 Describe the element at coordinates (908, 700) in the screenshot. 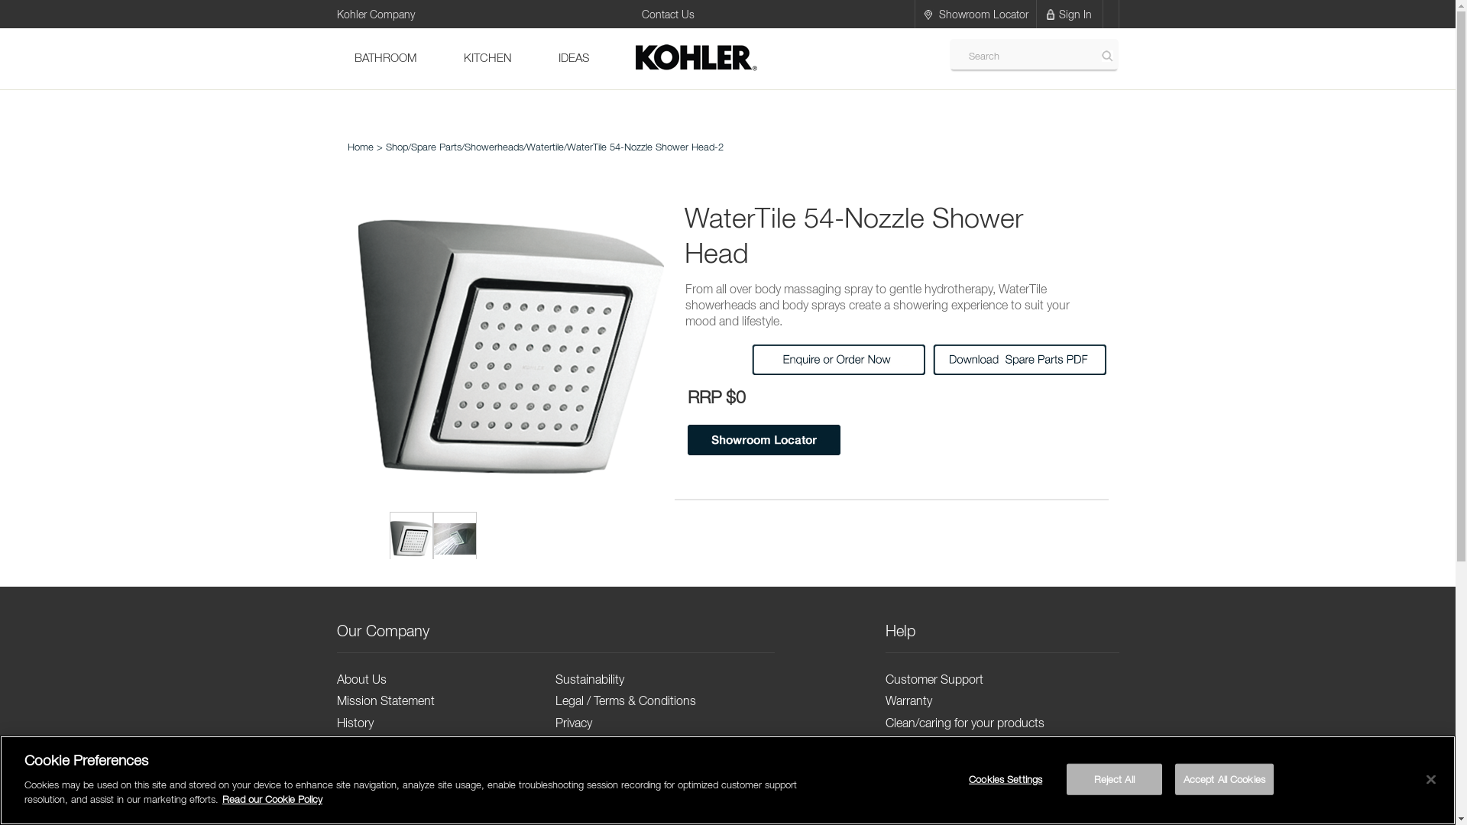

I see `'Warranty'` at that location.